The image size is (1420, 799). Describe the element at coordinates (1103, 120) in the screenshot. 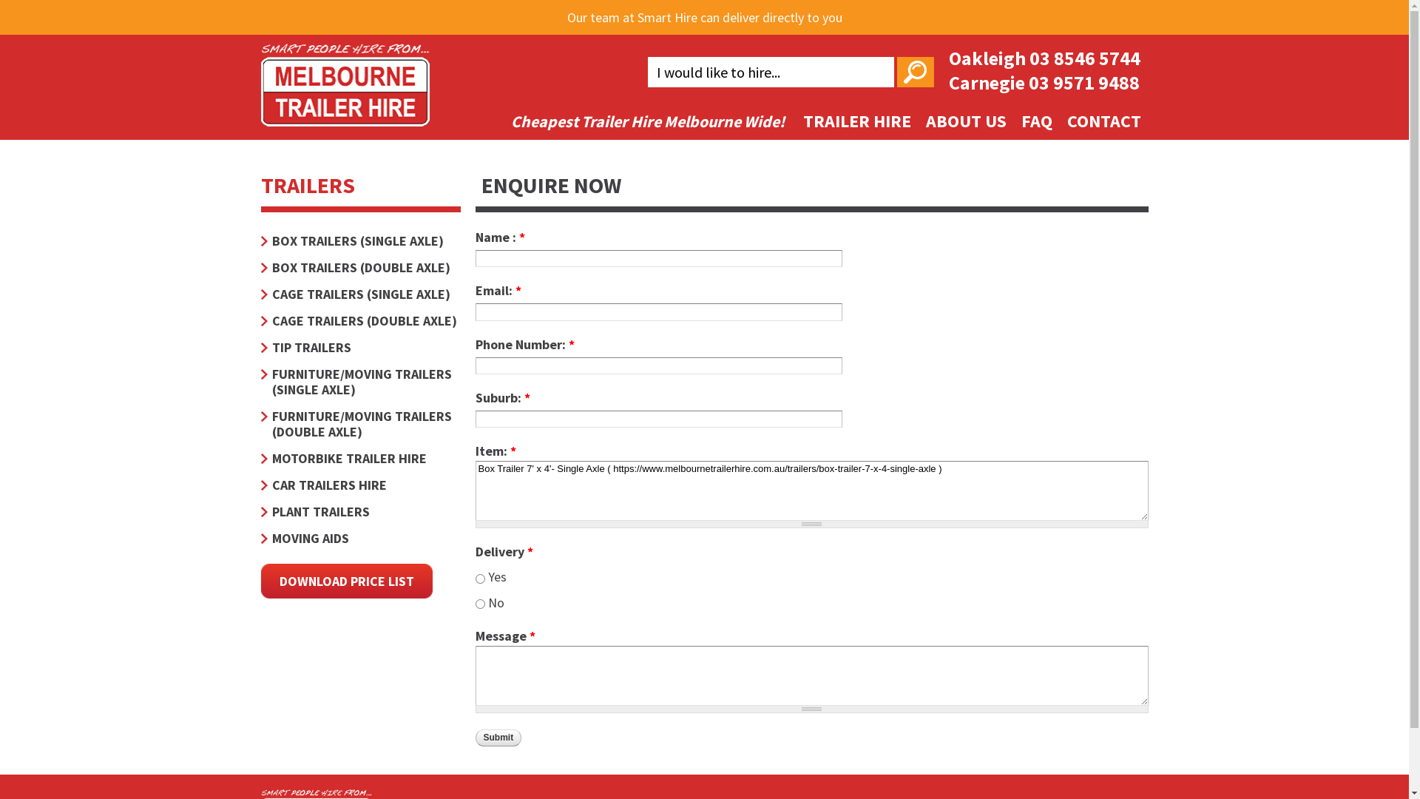

I see `'CONTACT'` at that location.